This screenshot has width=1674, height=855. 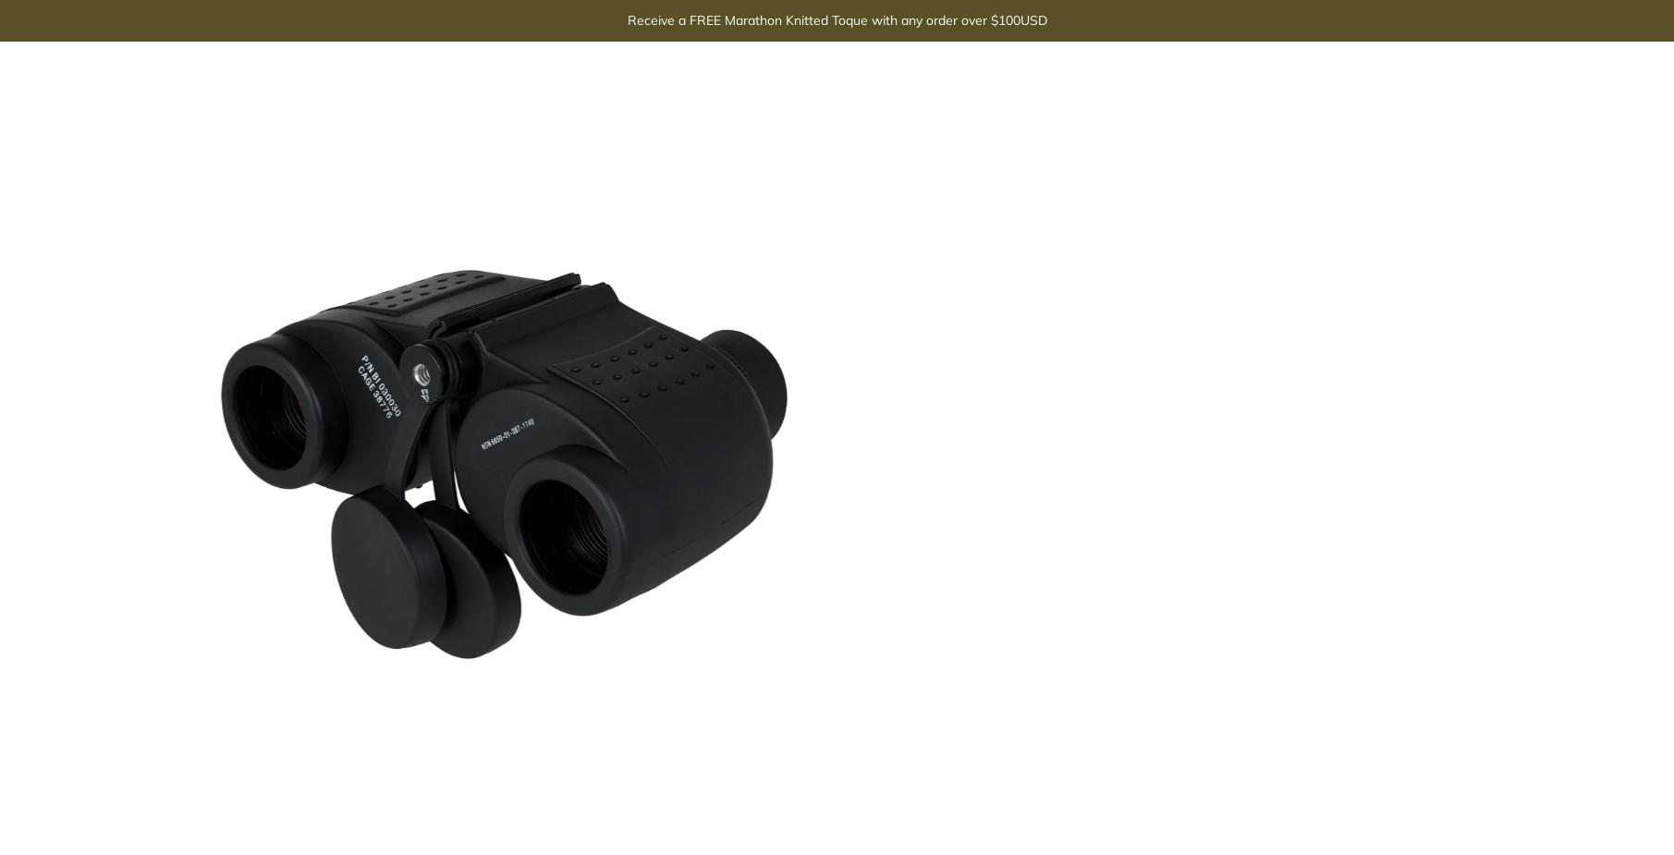 I want to click on 'ACCESSORIES INCLUDED:', so click(x=1059, y=276).